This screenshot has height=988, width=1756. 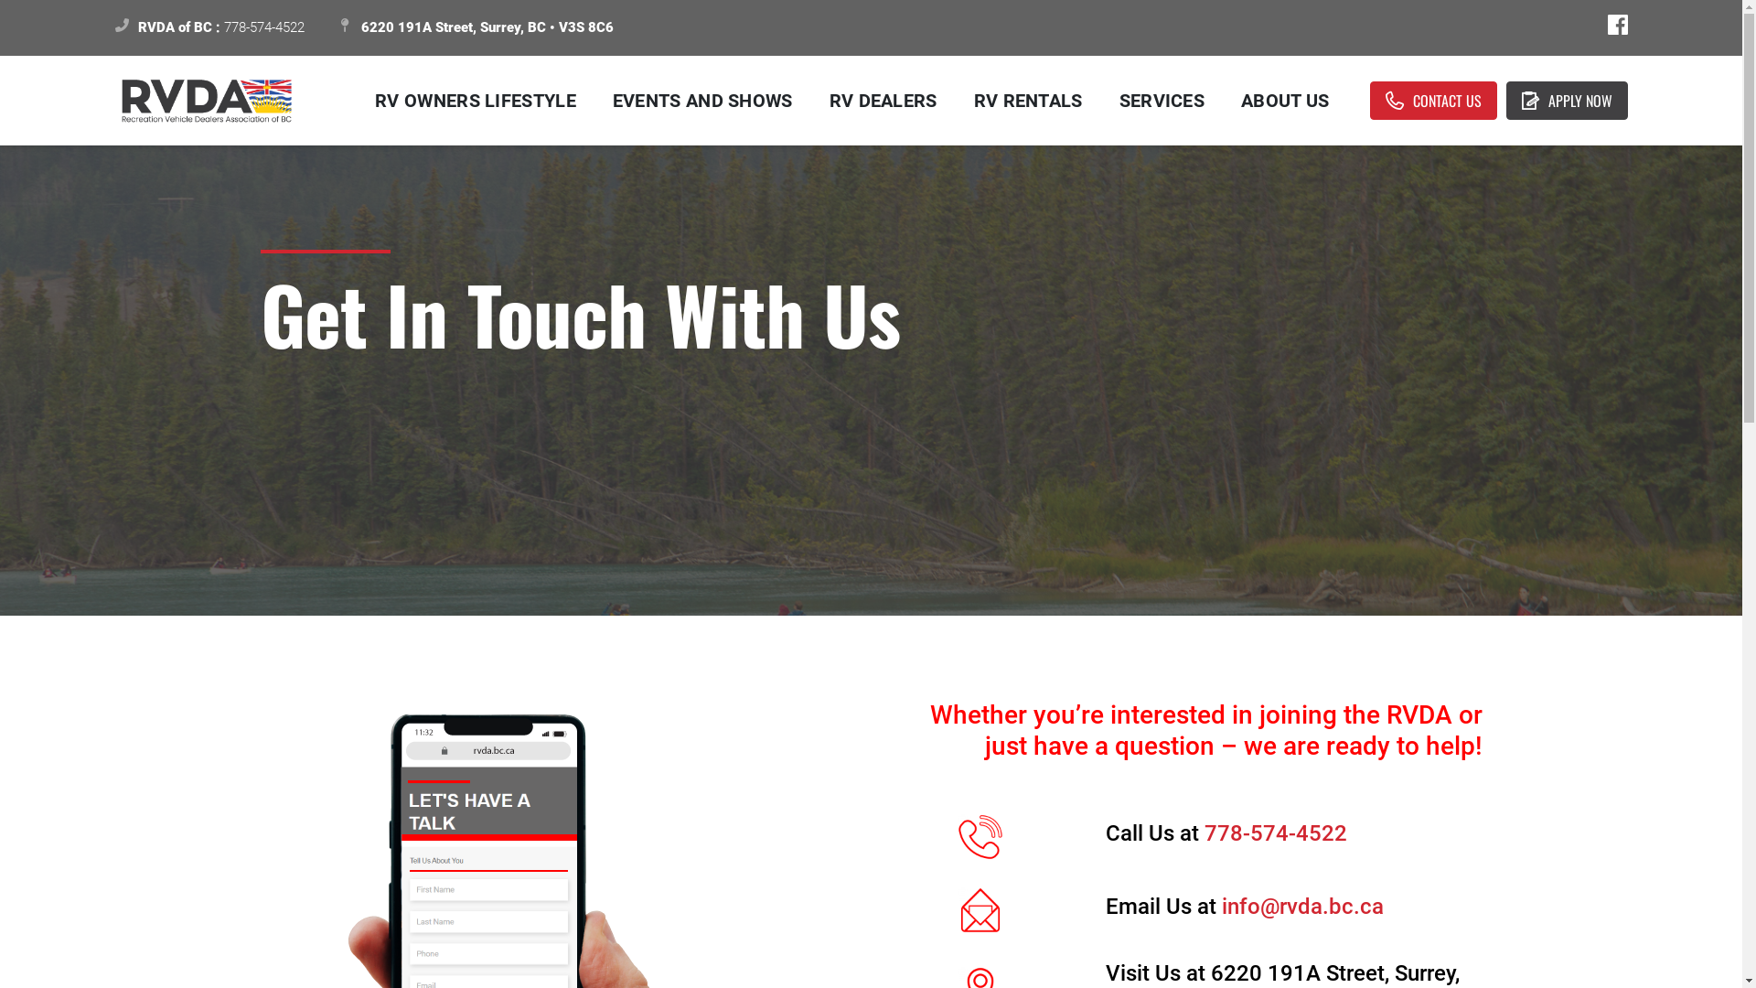 What do you see at coordinates (1223, 101) in the screenshot?
I see `'ABOUT US'` at bounding box center [1223, 101].